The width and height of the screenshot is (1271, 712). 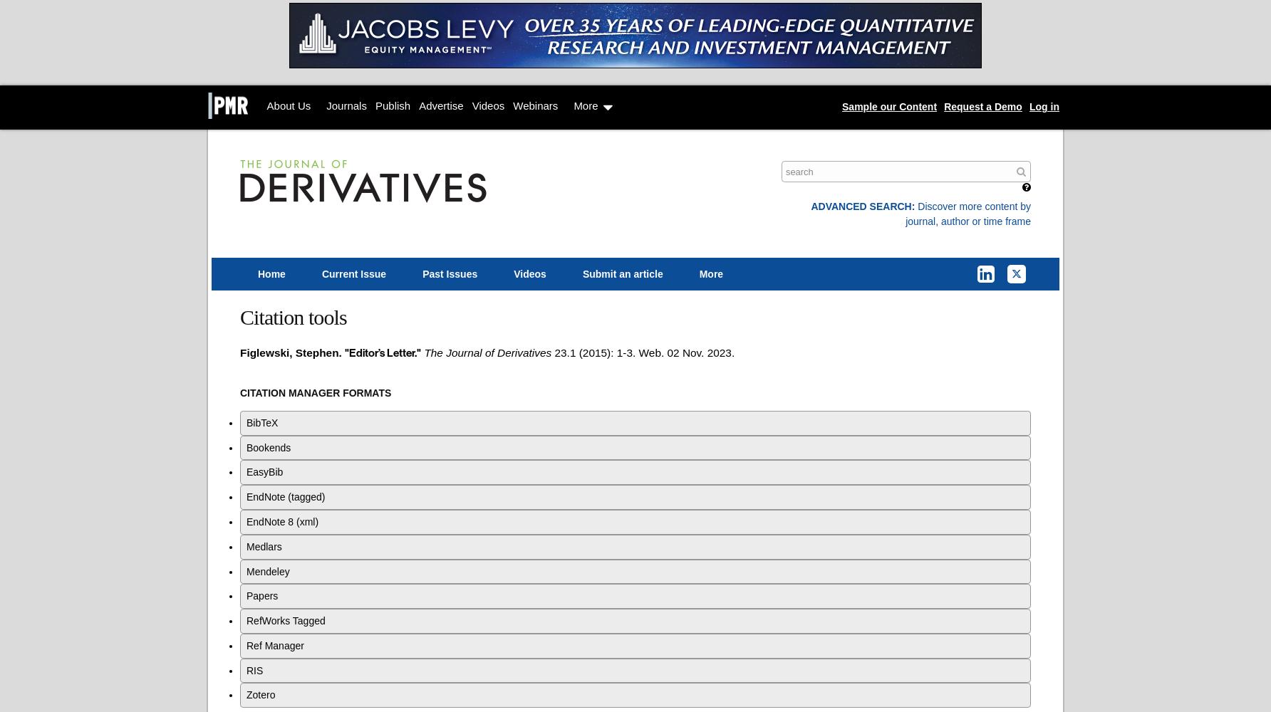 What do you see at coordinates (569, 351) in the screenshot?
I see `'1'` at bounding box center [569, 351].